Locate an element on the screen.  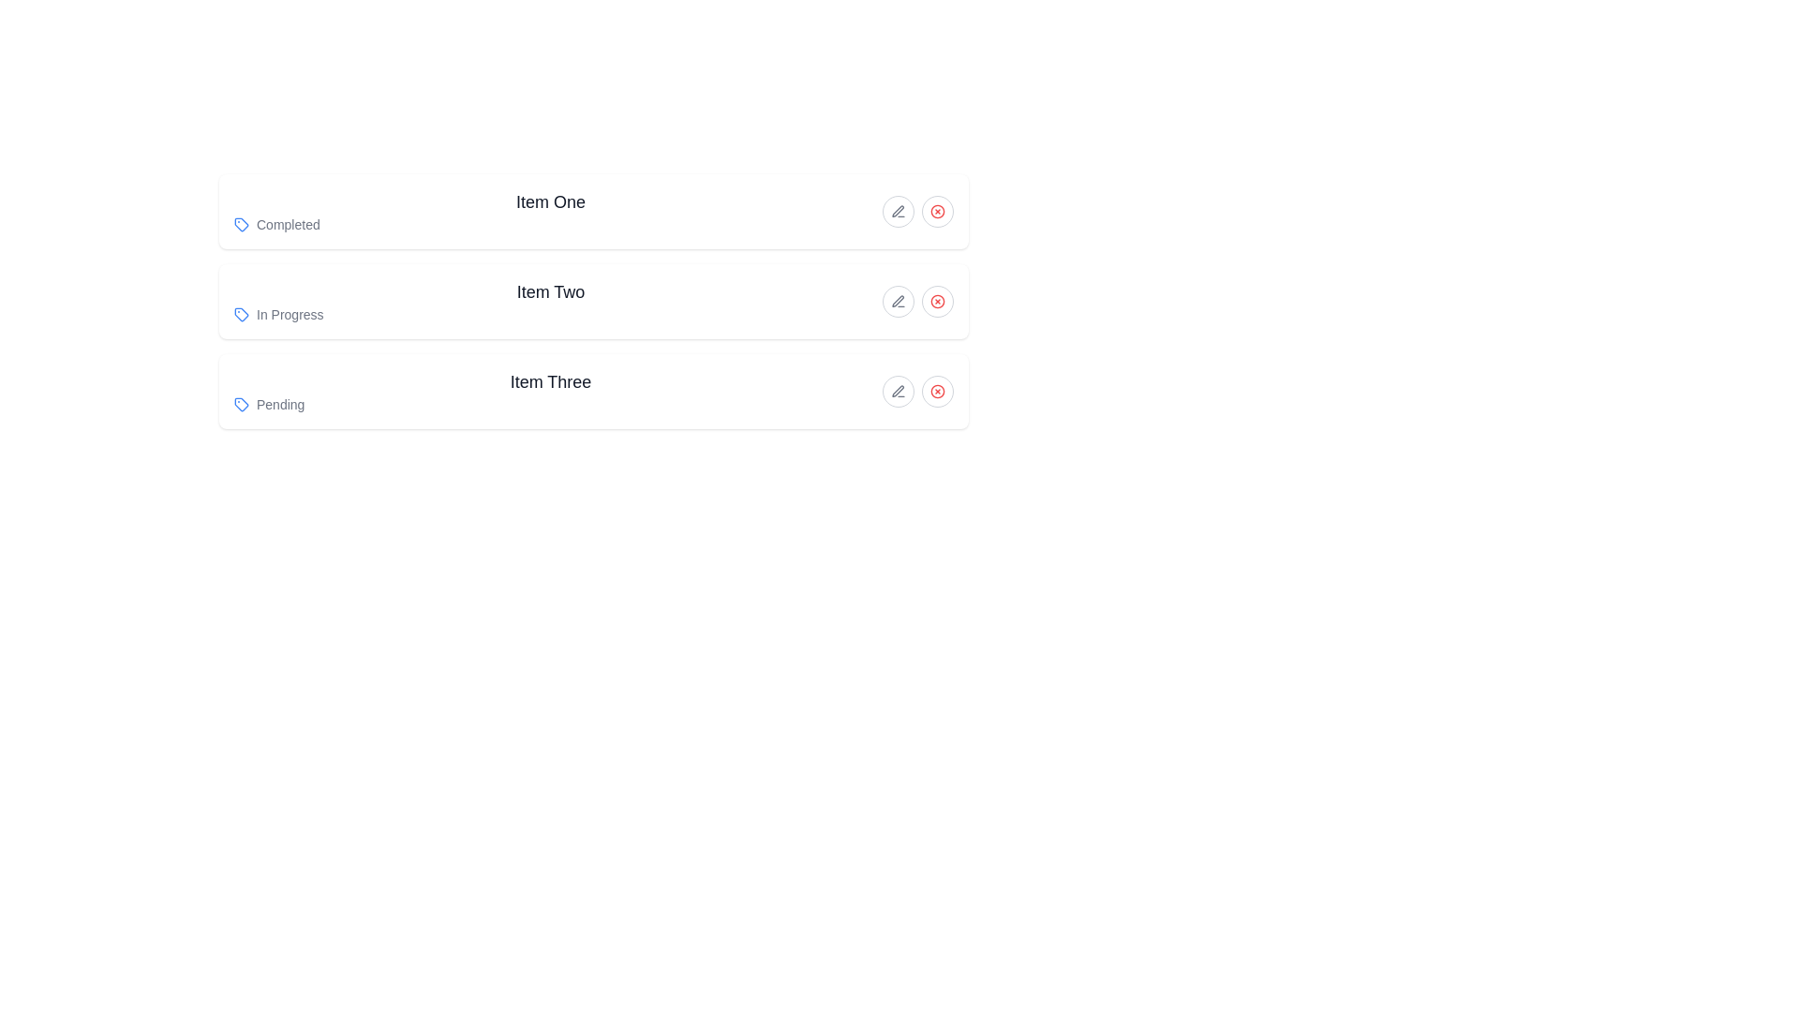
the first list item that represents an actionable or informational item with the status 'Completed' is located at coordinates (592, 211).